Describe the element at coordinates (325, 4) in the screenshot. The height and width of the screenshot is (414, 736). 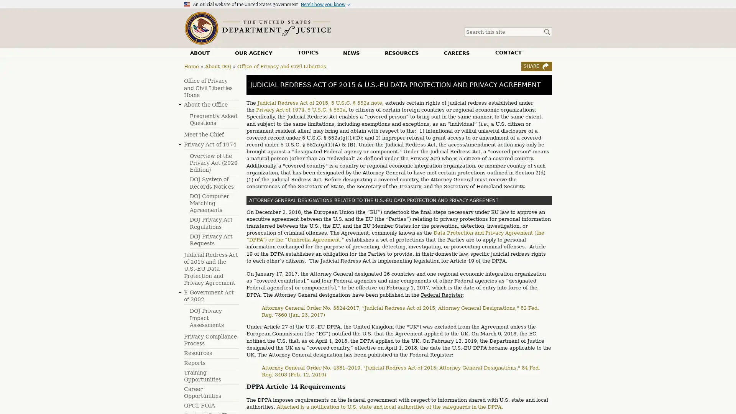
I see `Heres how you know` at that location.